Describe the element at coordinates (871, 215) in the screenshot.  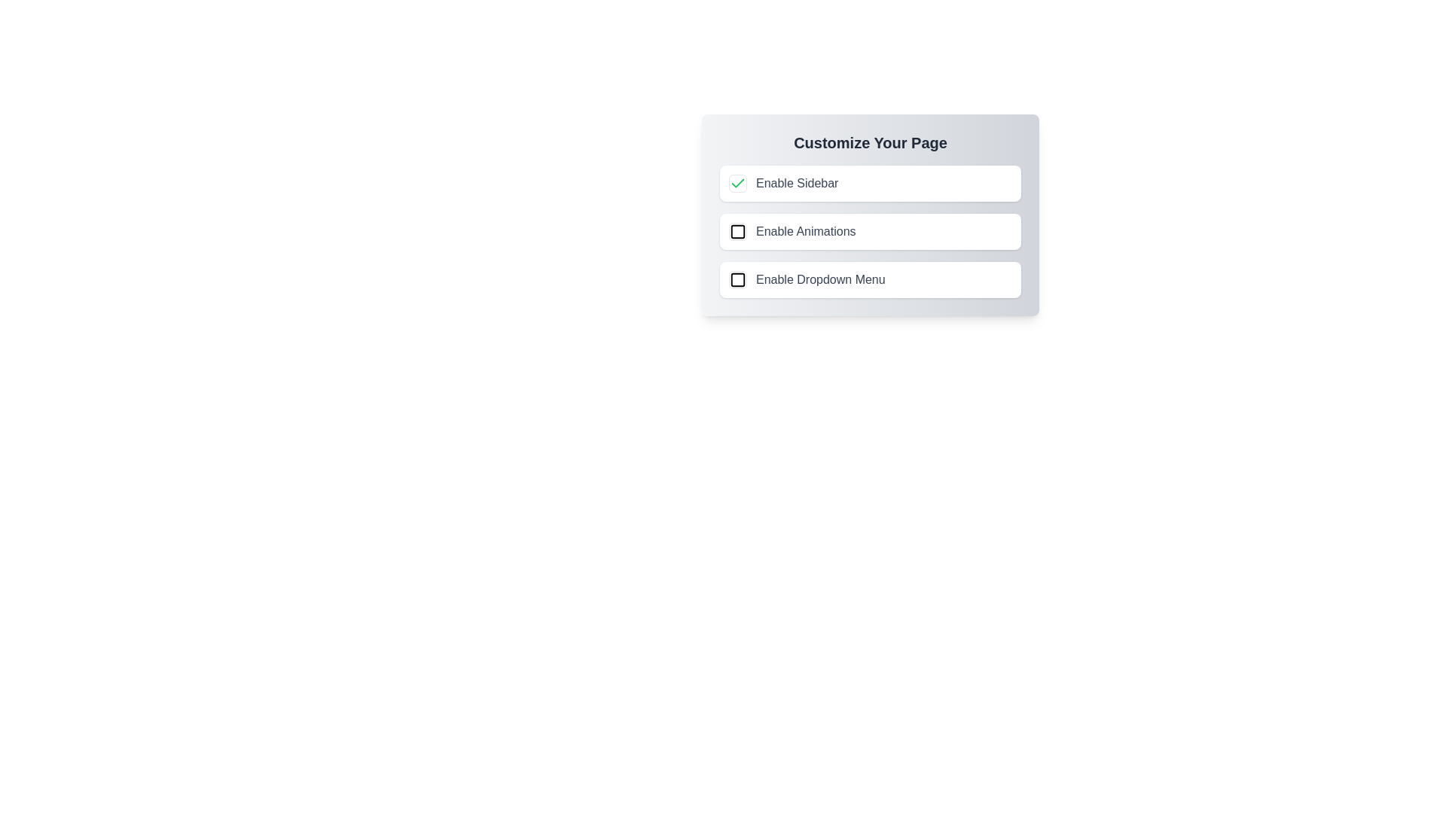
I see `the checkbox labeled 'Enable Animations'` at that location.